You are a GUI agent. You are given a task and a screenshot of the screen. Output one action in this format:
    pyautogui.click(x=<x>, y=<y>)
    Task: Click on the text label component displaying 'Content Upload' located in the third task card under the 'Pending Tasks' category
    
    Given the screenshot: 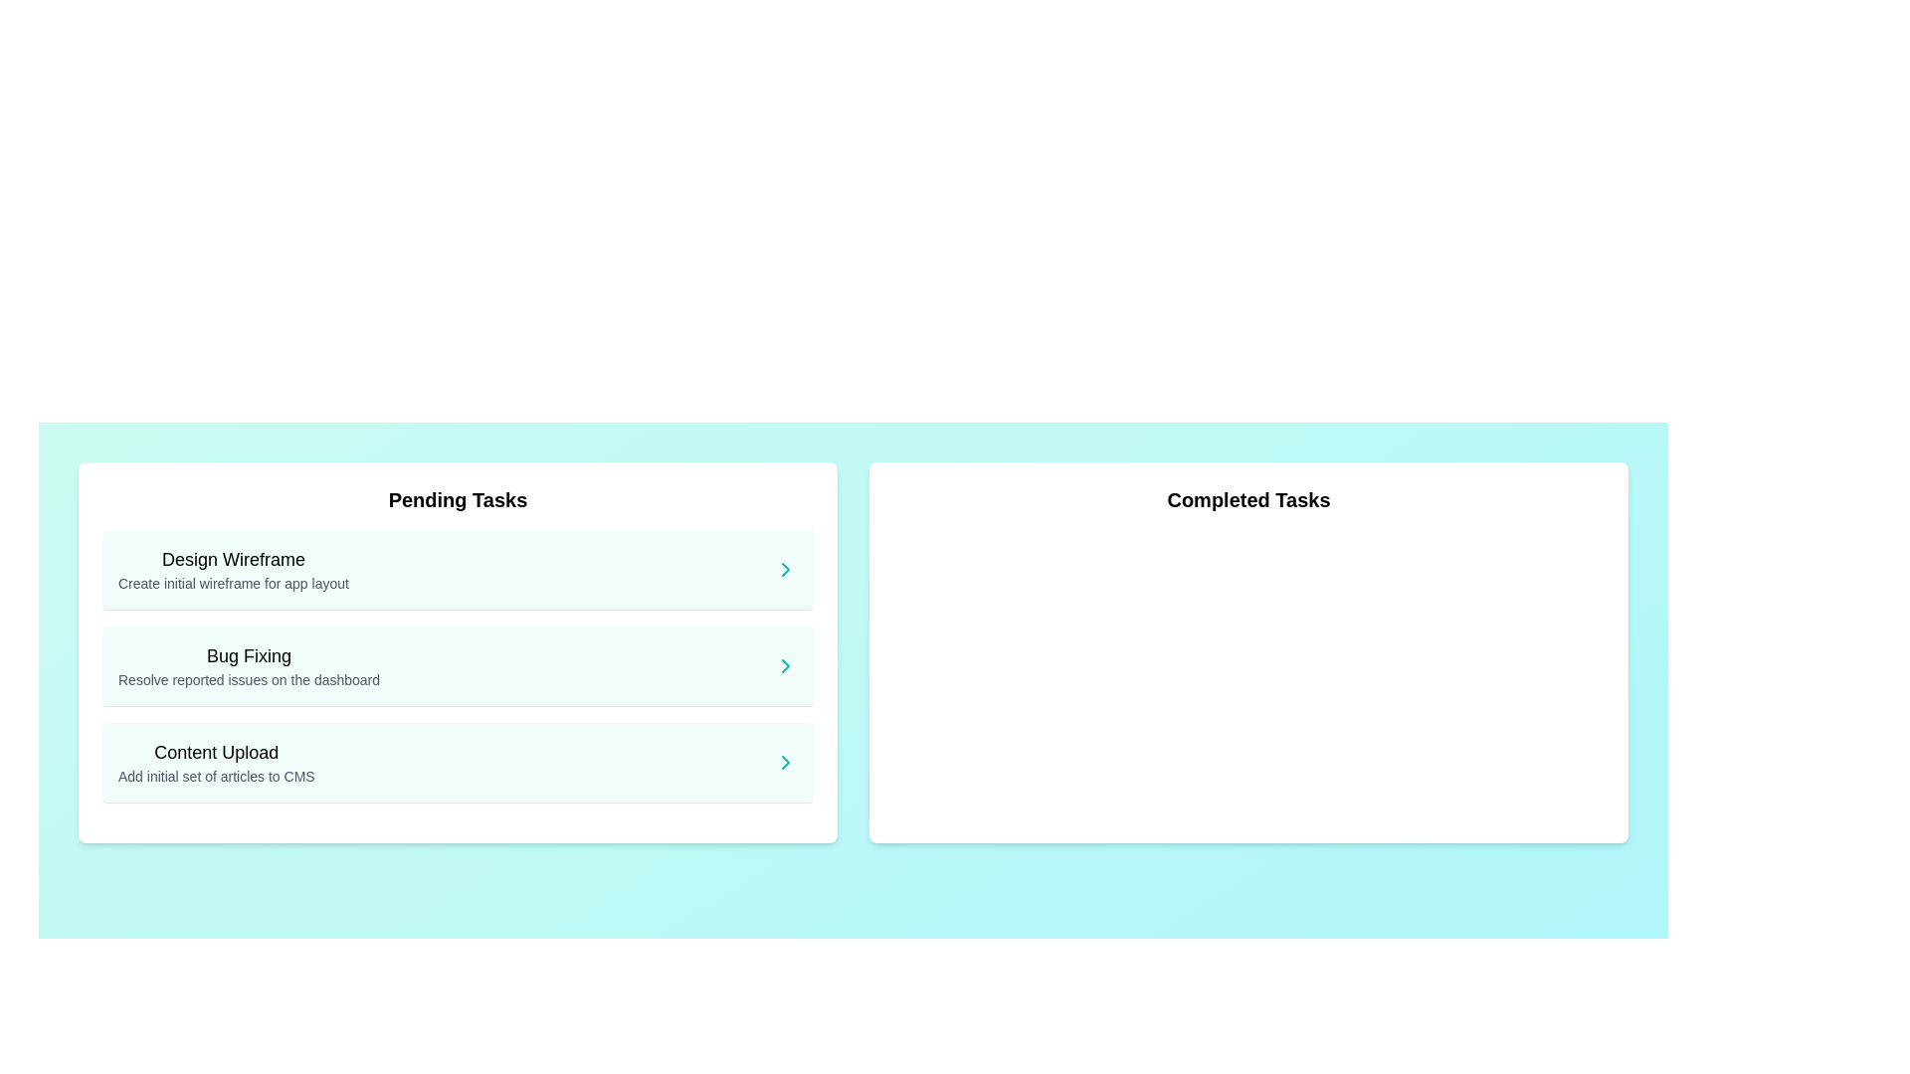 What is the action you would take?
    pyautogui.click(x=216, y=752)
    